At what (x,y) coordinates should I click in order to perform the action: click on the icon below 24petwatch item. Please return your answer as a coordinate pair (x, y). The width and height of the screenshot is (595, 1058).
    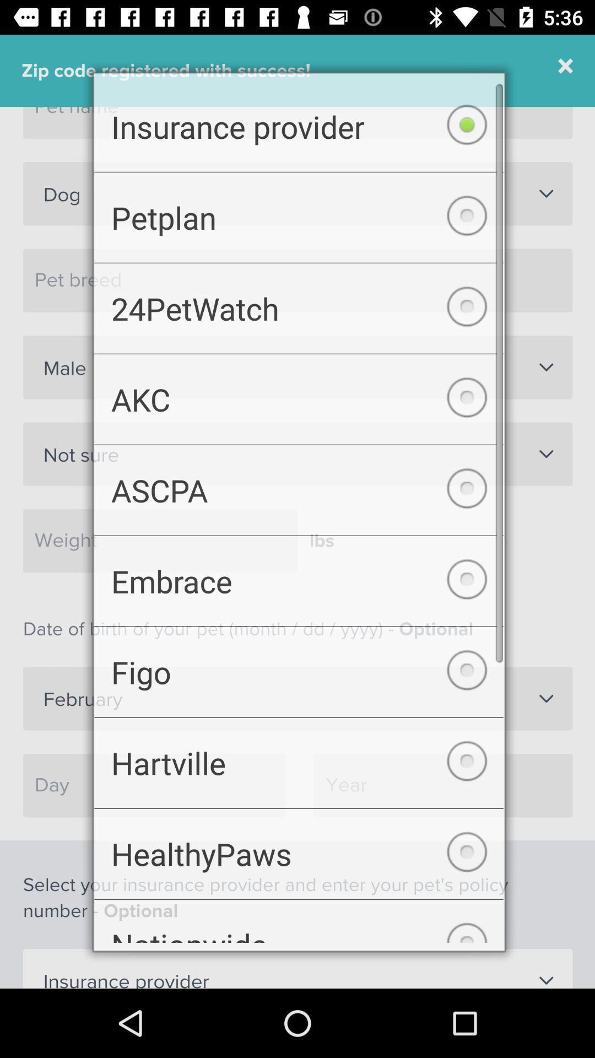
    Looking at the image, I should click on (299, 396).